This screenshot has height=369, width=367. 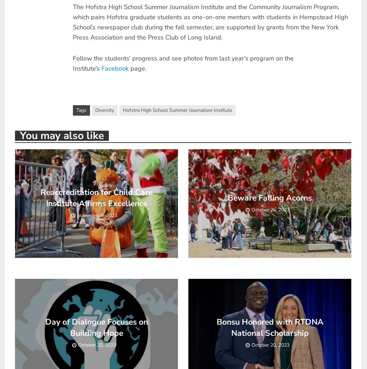 I want to click on 'Beware Falling Acorns', so click(x=269, y=197).